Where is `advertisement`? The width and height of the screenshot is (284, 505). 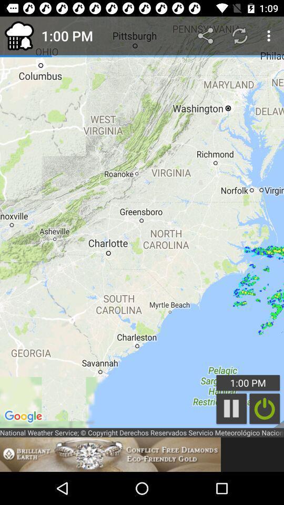 advertisement is located at coordinates (110, 454).